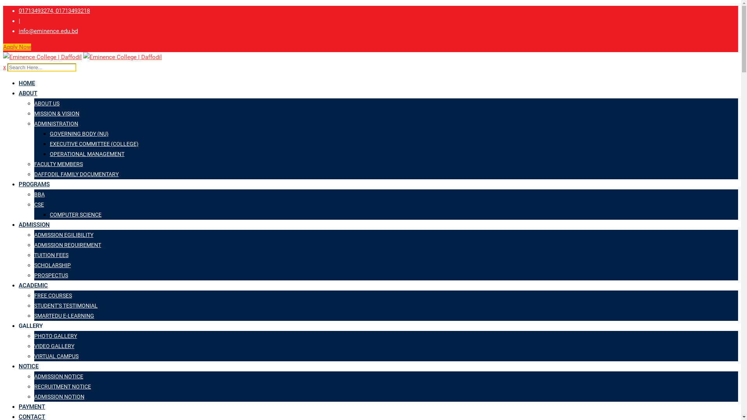 The image size is (747, 420). What do you see at coordinates (55, 336) in the screenshot?
I see `'PHOTO GALLERY'` at bounding box center [55, 336].